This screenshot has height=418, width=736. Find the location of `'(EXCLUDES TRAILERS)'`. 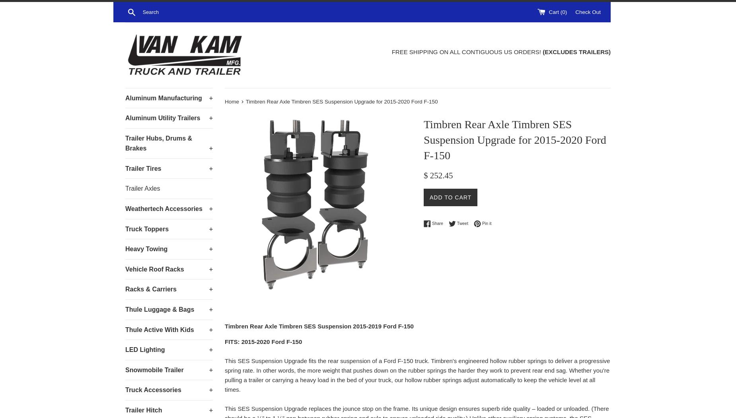

'(EXCLUDES TRAILERS)' is located at coordinates (576, 51).